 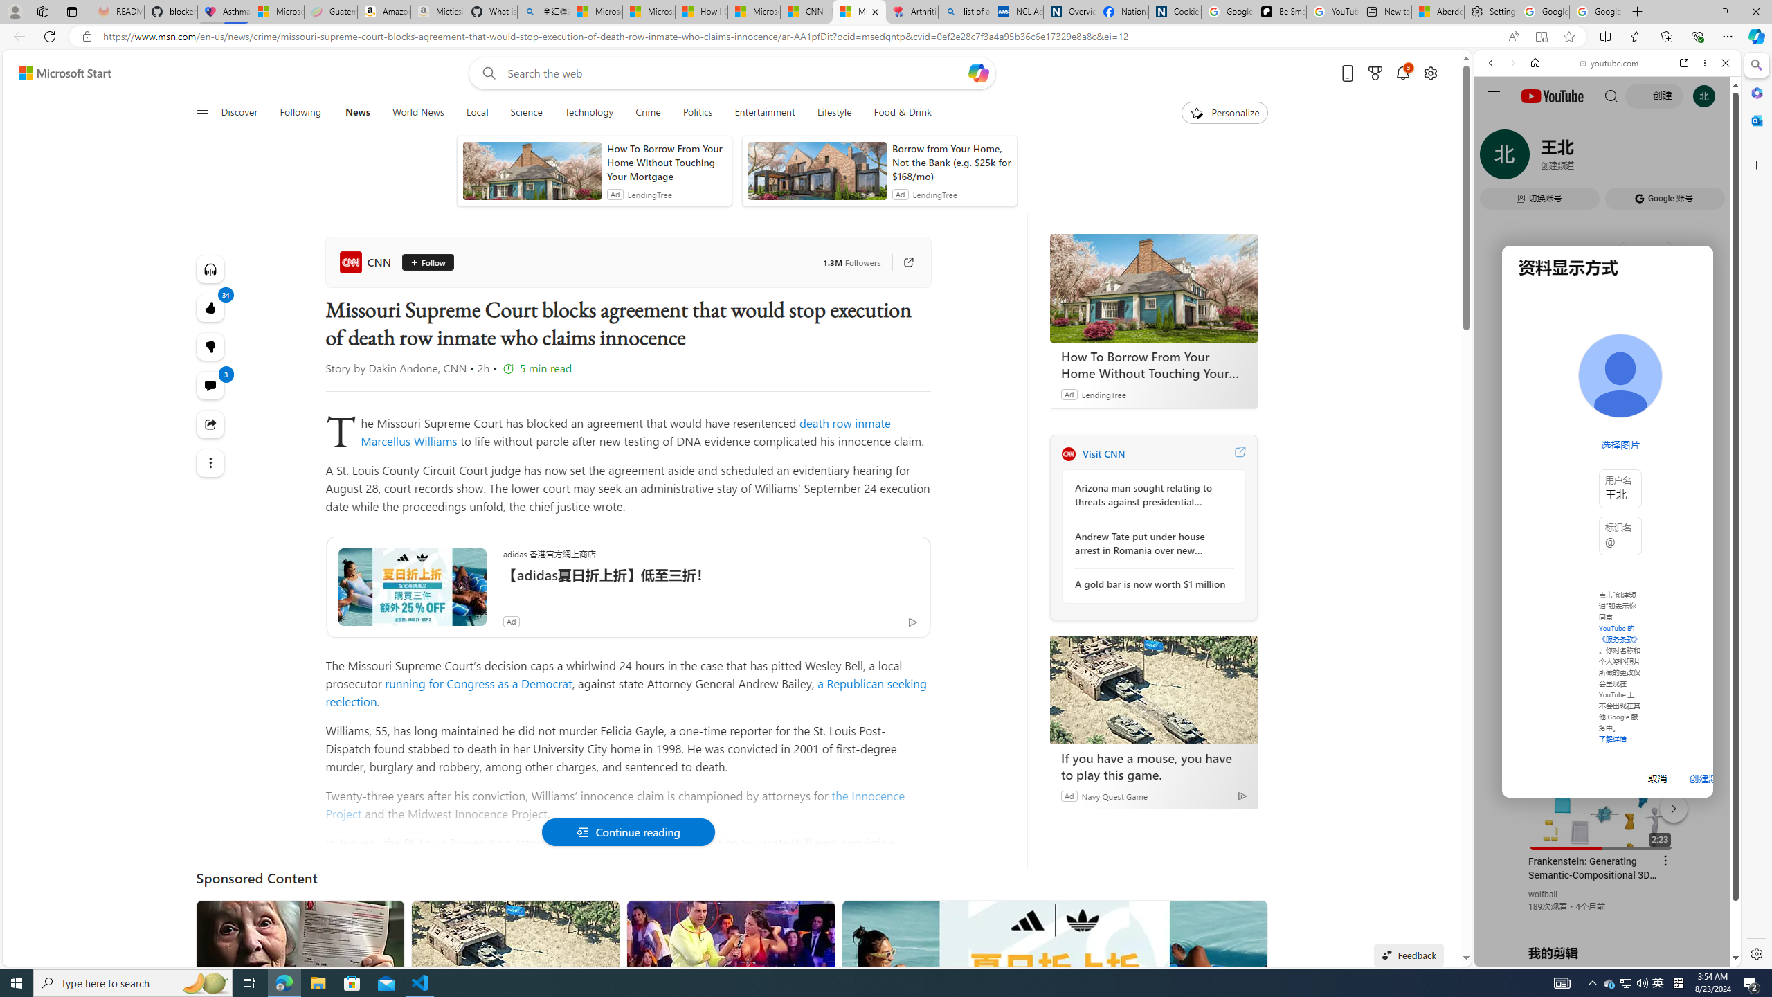 I want to click on 'Enter your search term', so click(x=734, y=72).